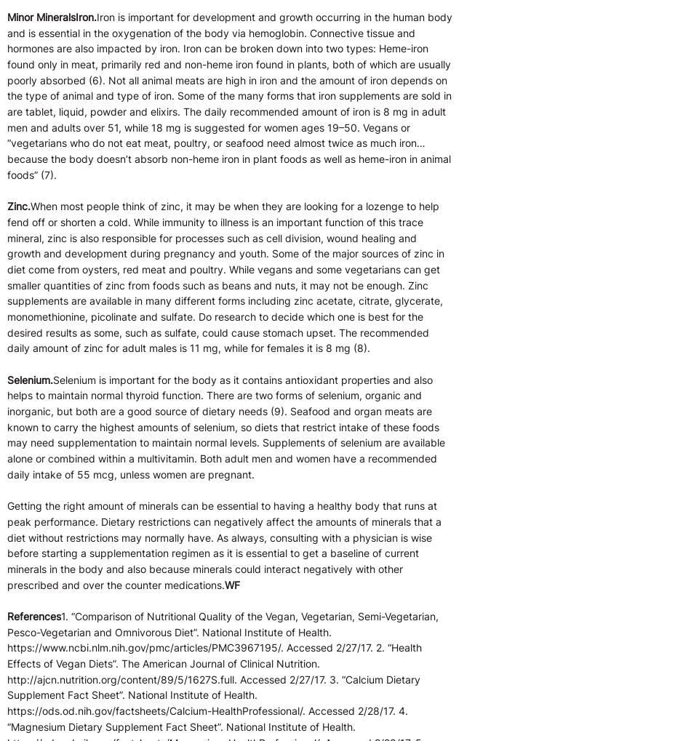 The height and width of the screenshot is (741, 691). Describe the element at coordinates (225, 276) in the screenshot. I see `'When most people think of zinc, it may be when they are looking for a lozenge to help fend off or shorten a cold. While immunity to illness is an important function of this trace mineral, zinc is also responsible for processes such as cell division, wound healing and growth and development during pregnancy and youth. Some of the major sources of zinc in diet come from oysters, red meat and poultry. While vegans and some vegetarians can get smaller quantities of zinc from foods such as beans and nuts, it may not be enough. Zinc supplements are available in many different forms including zinc acetate, citrate, glycerate, monomethionine, picolinate and sulfate. Do research to decide which one is best for the desired results as some, such as sulfate, could cause stomach upset. The recommended daily amount of zinc for adult males is 11 mg, while for females it is 8 mg (8).'` at that location.